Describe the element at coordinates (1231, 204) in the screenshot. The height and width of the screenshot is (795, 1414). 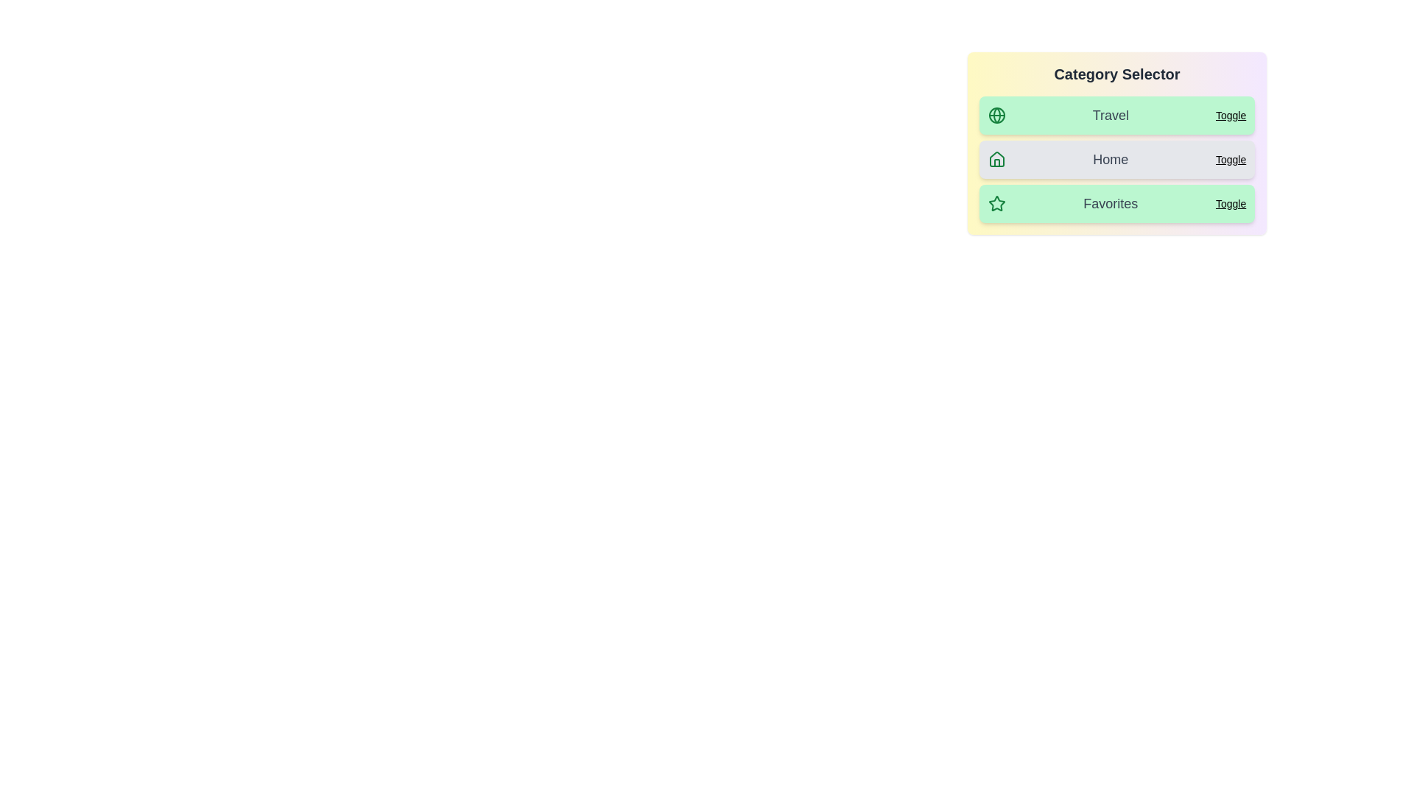
I see `the 'Toggle' button of the category item corresponding to Favorites` at that location.